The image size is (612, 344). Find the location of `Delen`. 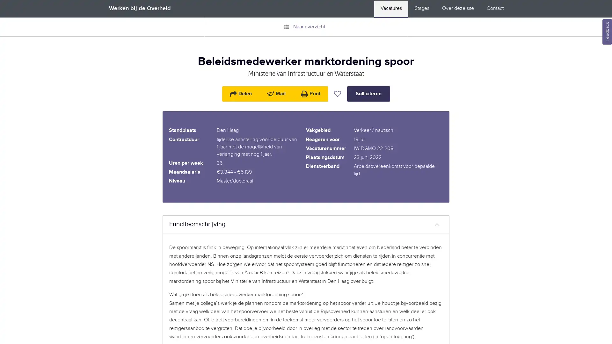

Delen is located at coordinates (240, 94).